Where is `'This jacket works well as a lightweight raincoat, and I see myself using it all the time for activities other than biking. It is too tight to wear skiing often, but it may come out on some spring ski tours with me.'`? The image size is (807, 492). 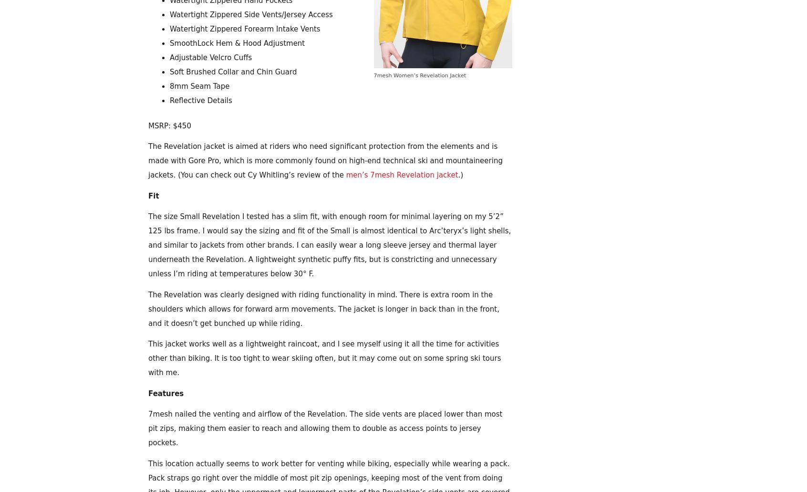 'This jacket works well as a lightweight raincoat, and I see myself using it all the time for activities other than biking. It is too tight to wear skiing often, but it may come out on some spring ski tours with me.' is located at coordinates (324, 357).